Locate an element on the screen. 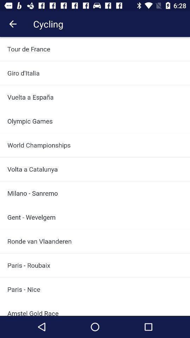 The width and height of the screenshot is (190, 338). the icon next to the cycling is located at coordinates (13, 24).